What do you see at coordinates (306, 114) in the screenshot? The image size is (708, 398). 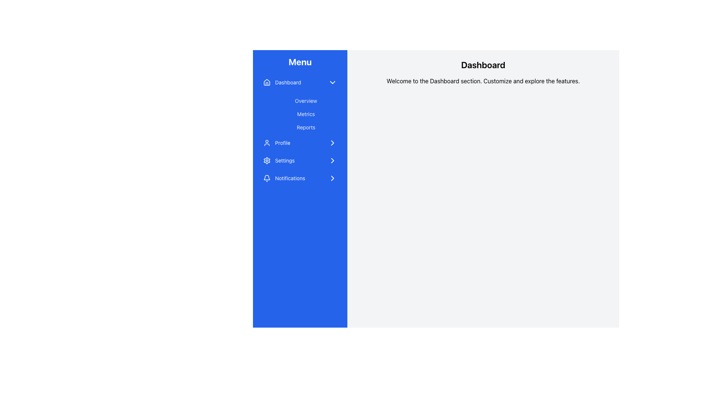 I see `the 'Metrics' navigation link located in the left sidebar under the 'Dashboard' section` at bounding box center [306, 114].